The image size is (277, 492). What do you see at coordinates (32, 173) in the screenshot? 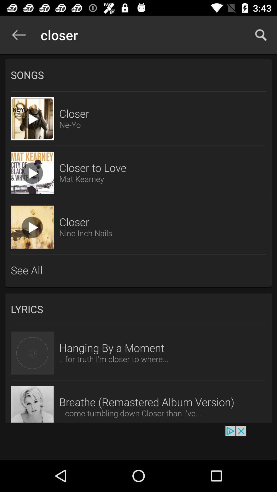
I see `the song closer to love by mat kearney` at bounding box center [32, 173].